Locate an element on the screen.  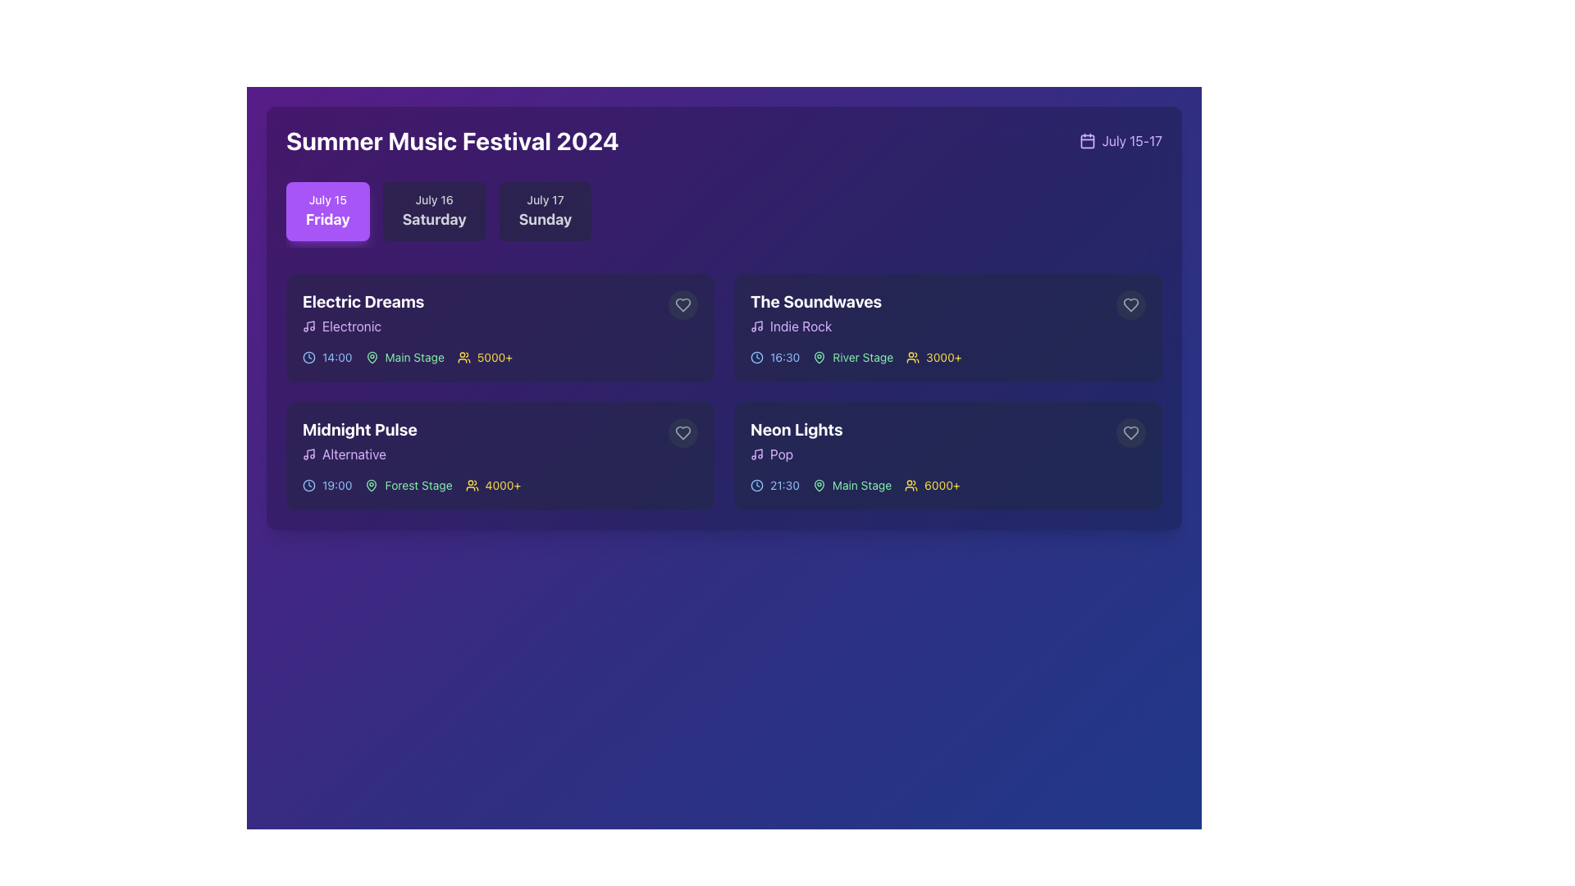
the text label with the text 'Alternative' styled in purple, accompanied by a small musical note icon, located in the second event card titled 'Midnight Pulse' is located at coordinates (358, 454).